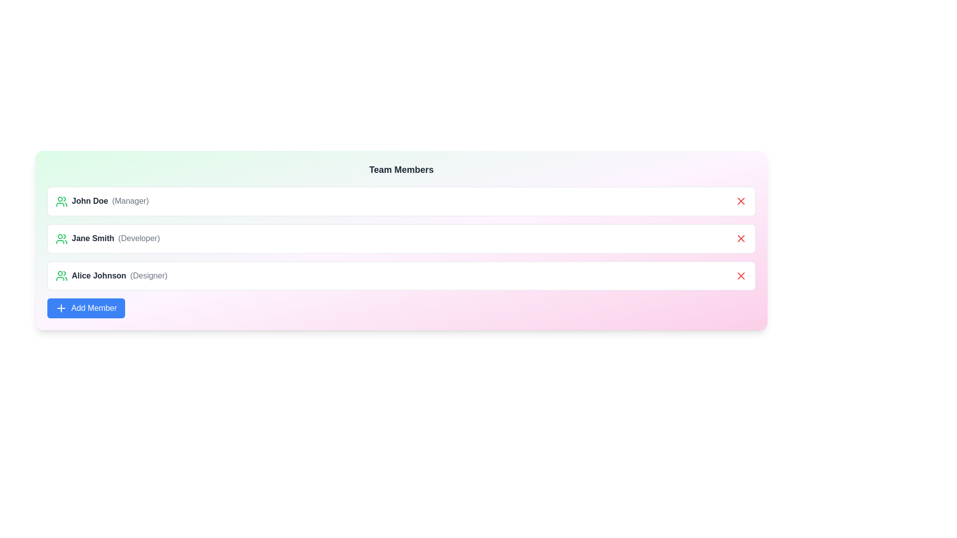  Describe the element at coordinates (741, 239) in the screenshot. I see `the delete button for the member Jane Smith` at that location.